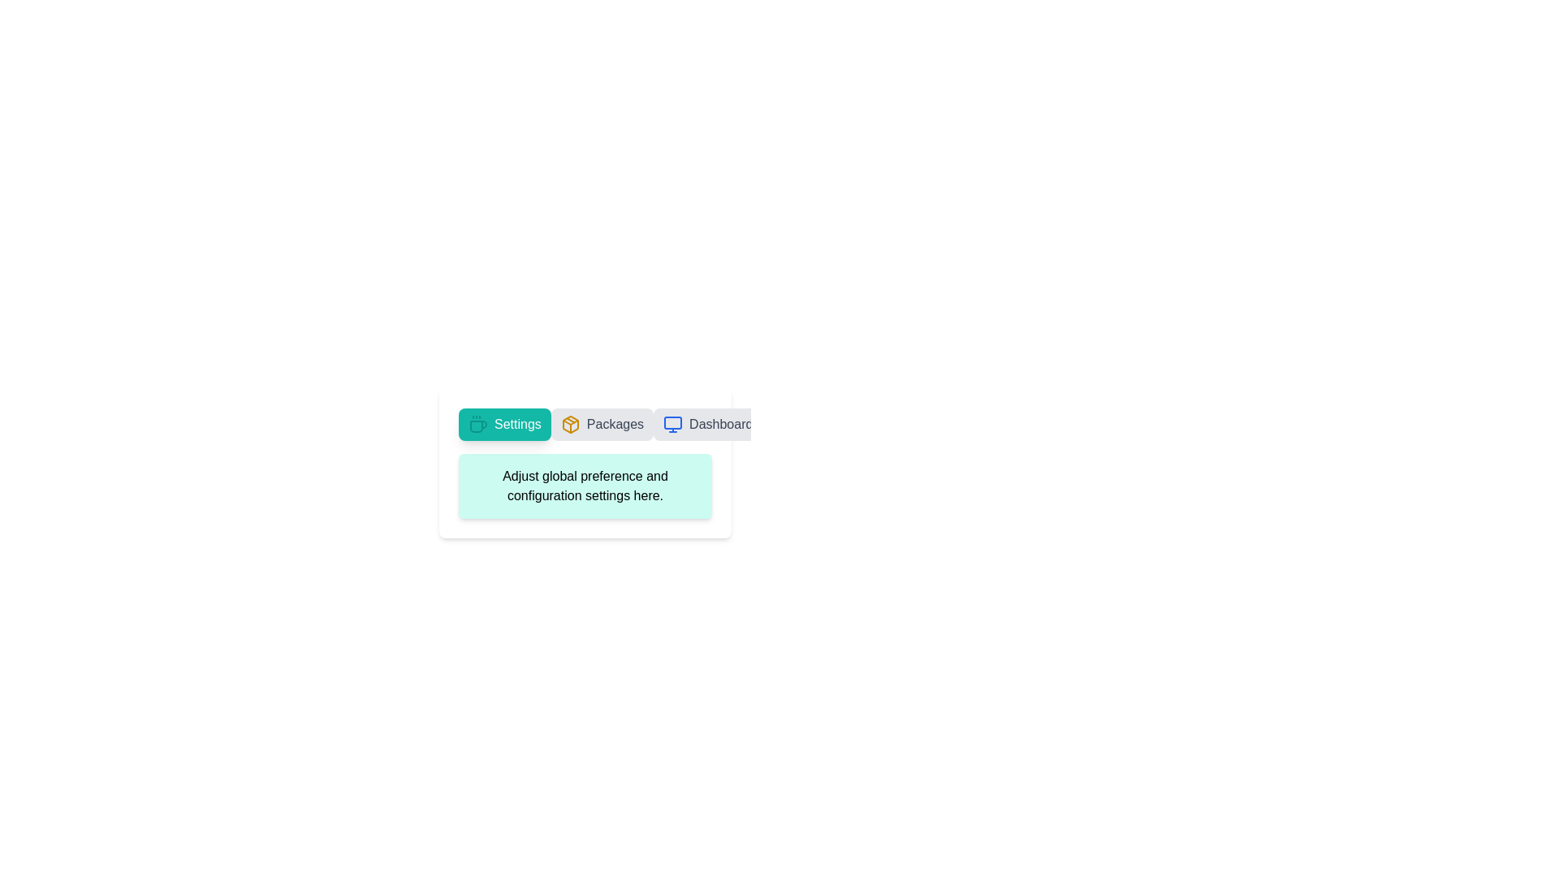 Image resolution: width=1559 pixels, height=877 pixels. I want to click on the tab labeled Dashboard to observe visual feedback, so click(708, 424).